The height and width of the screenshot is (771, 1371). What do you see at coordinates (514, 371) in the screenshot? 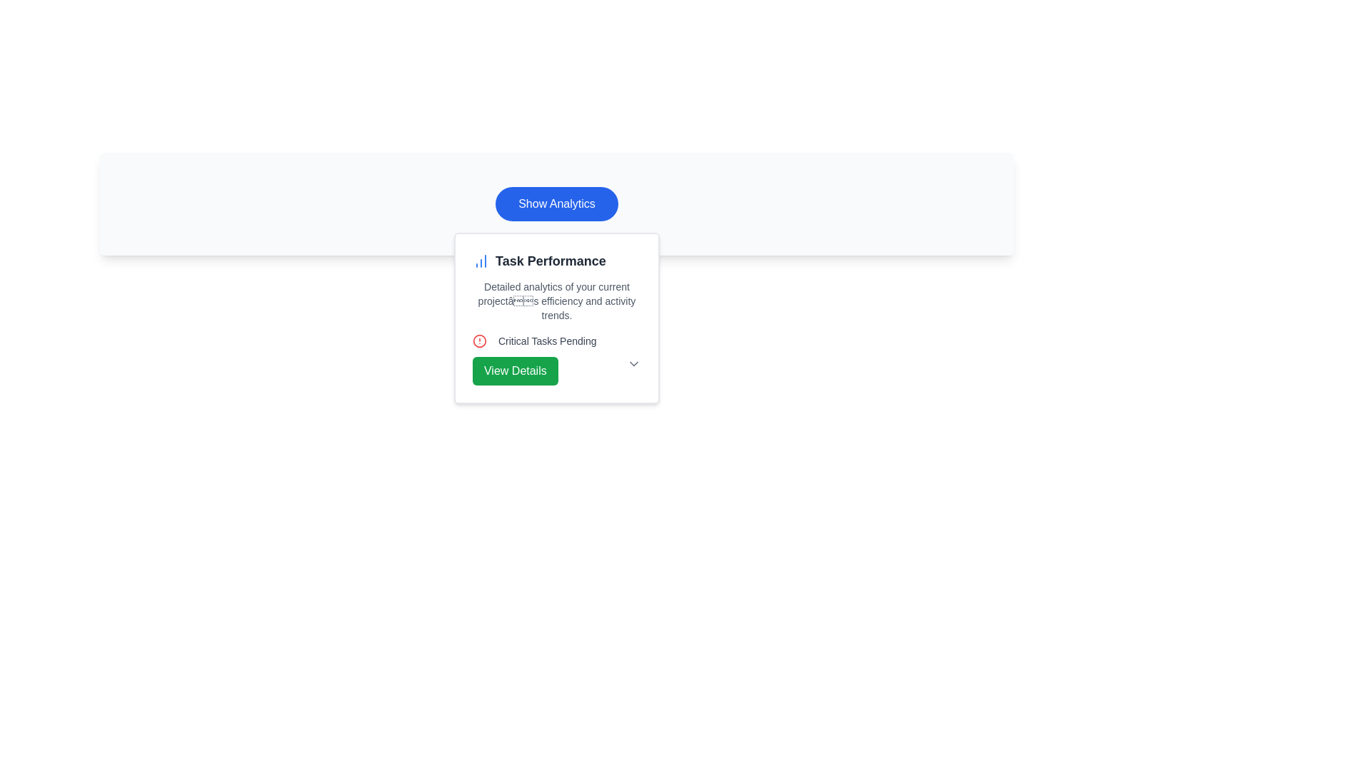
I see `the leftmost button in the 'Task Performance' card to initiate navigation to the detailed view or additional information` at bounding box center [514, 371].